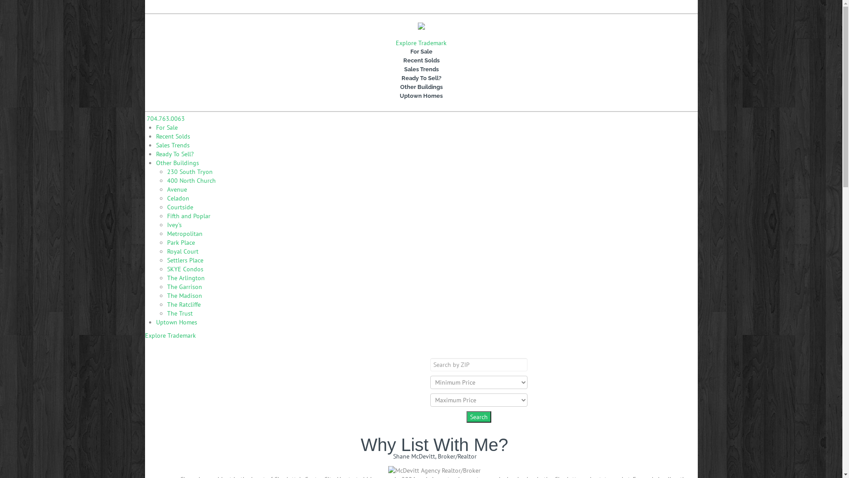 The height and width of the screenshot is (478, 849). I want to click on 'Courtside', so click(180, 207).